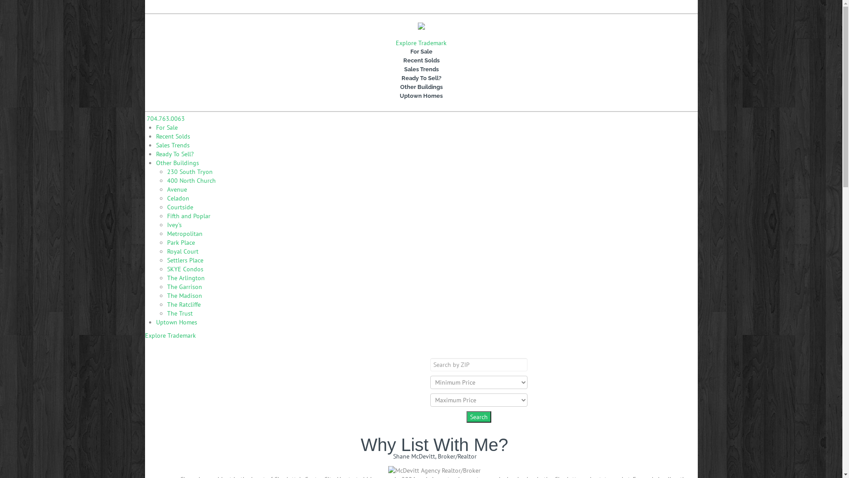 The height and width of the screenshot is (478, 849). I want to click on 'Courtside', so click(180, 207).